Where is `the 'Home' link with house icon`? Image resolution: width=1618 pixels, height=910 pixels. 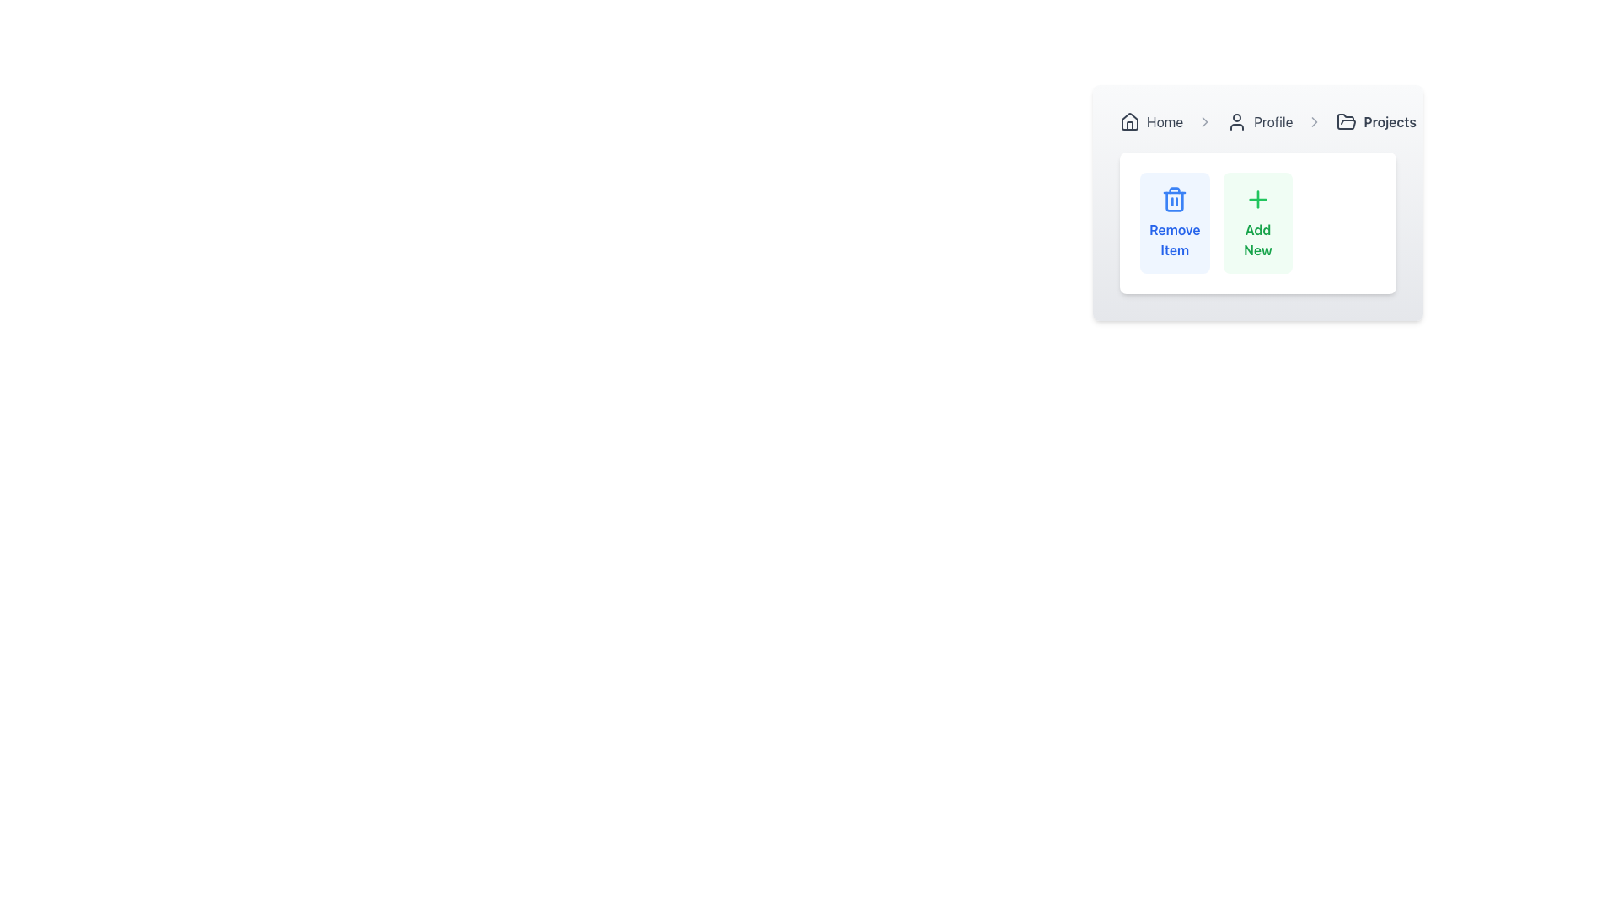
the 'Home' link with house icon is located at coordinates (1150, 121).